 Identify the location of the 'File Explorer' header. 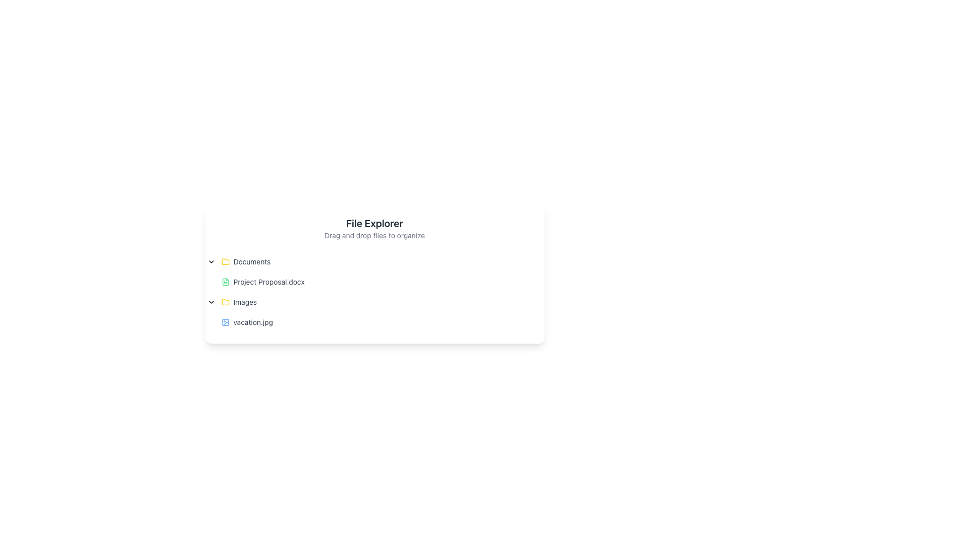
(374, 228).